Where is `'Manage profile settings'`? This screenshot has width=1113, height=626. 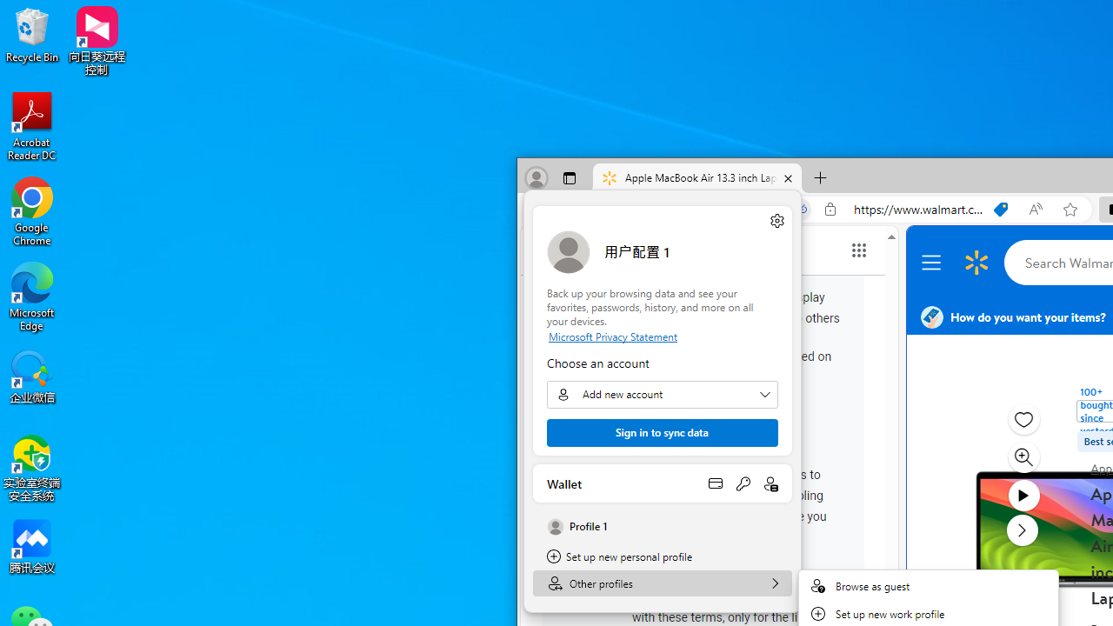
'Manage profile settings' is located at coordinates (776, 219).